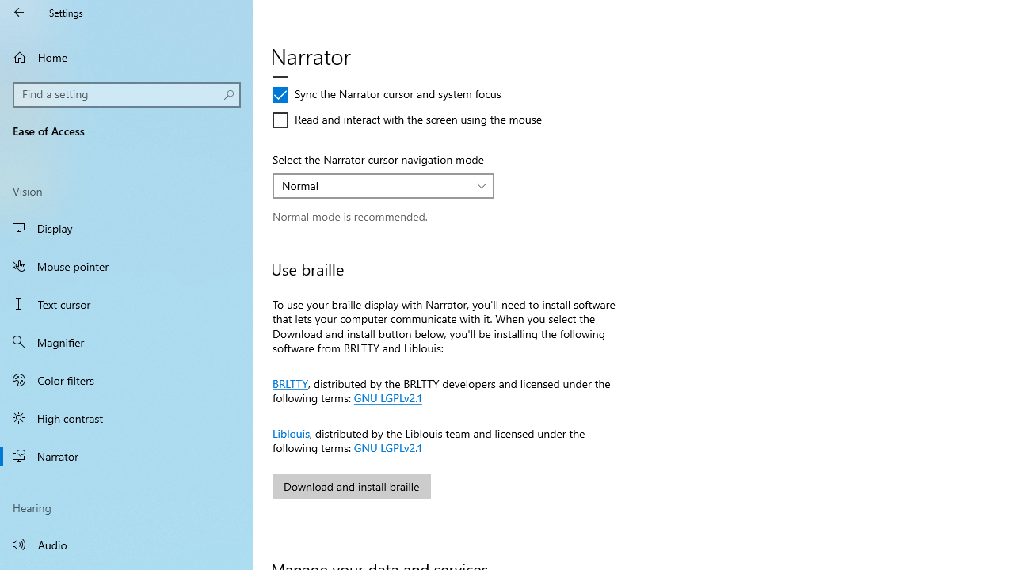  Describe the element at coordinates (351, 485) in the screenshot. I see `'Download and install braille'` at that location.